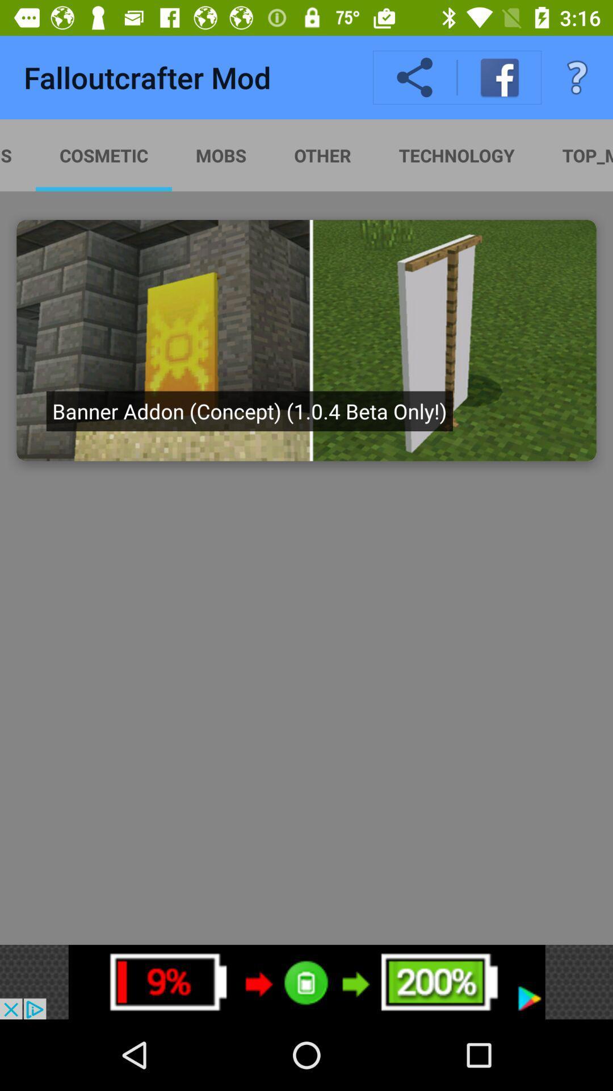  I want to click on click on banner, so click(306, 340).